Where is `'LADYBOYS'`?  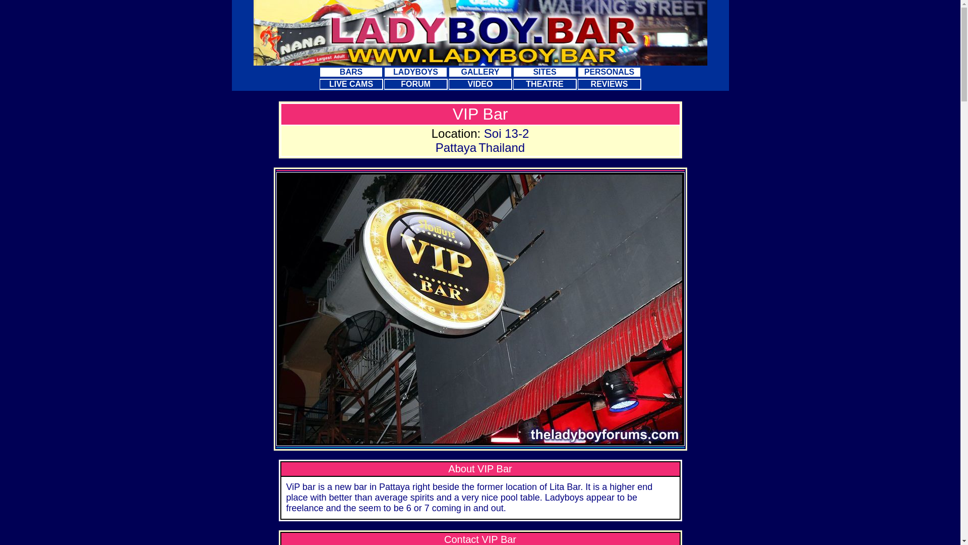
'LADYBOYS' is located at coordinates (415, 71).